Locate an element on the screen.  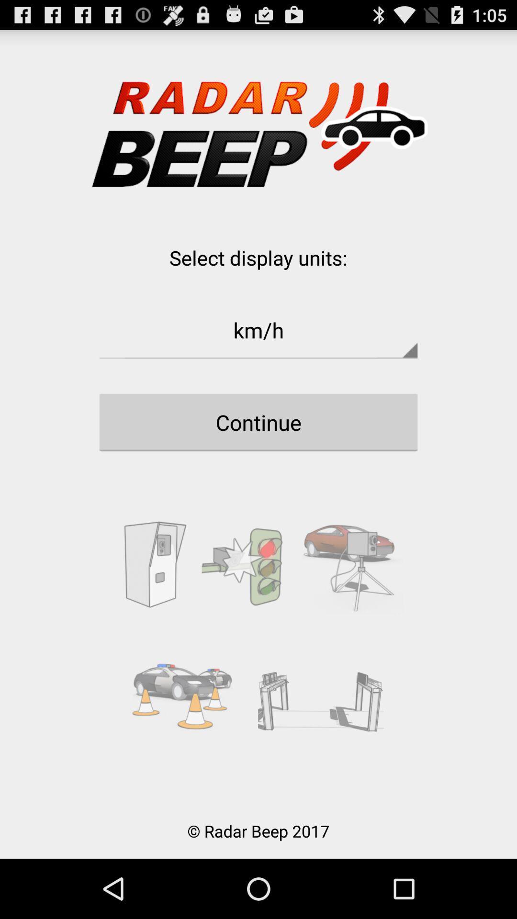
the button below the km/h is located at coordinates (258, 422).